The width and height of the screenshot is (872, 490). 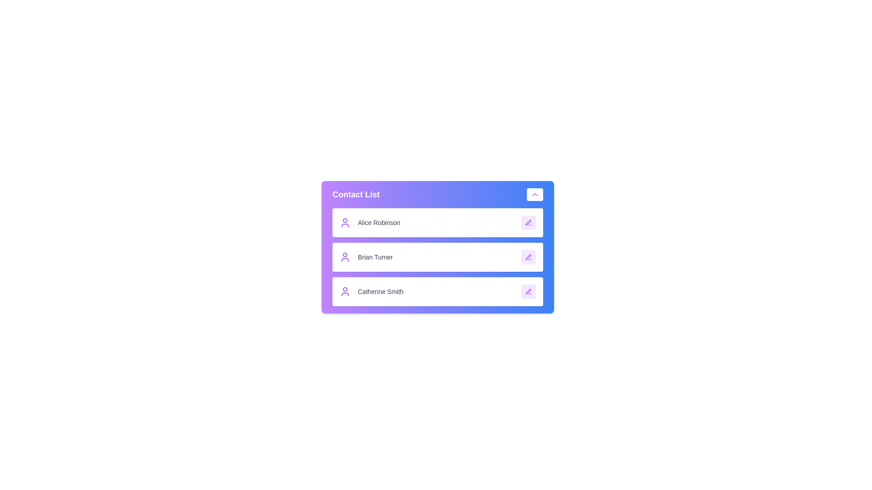 I want to click on the edit button of the list item Brian Turner, so click(x=528, y=257).